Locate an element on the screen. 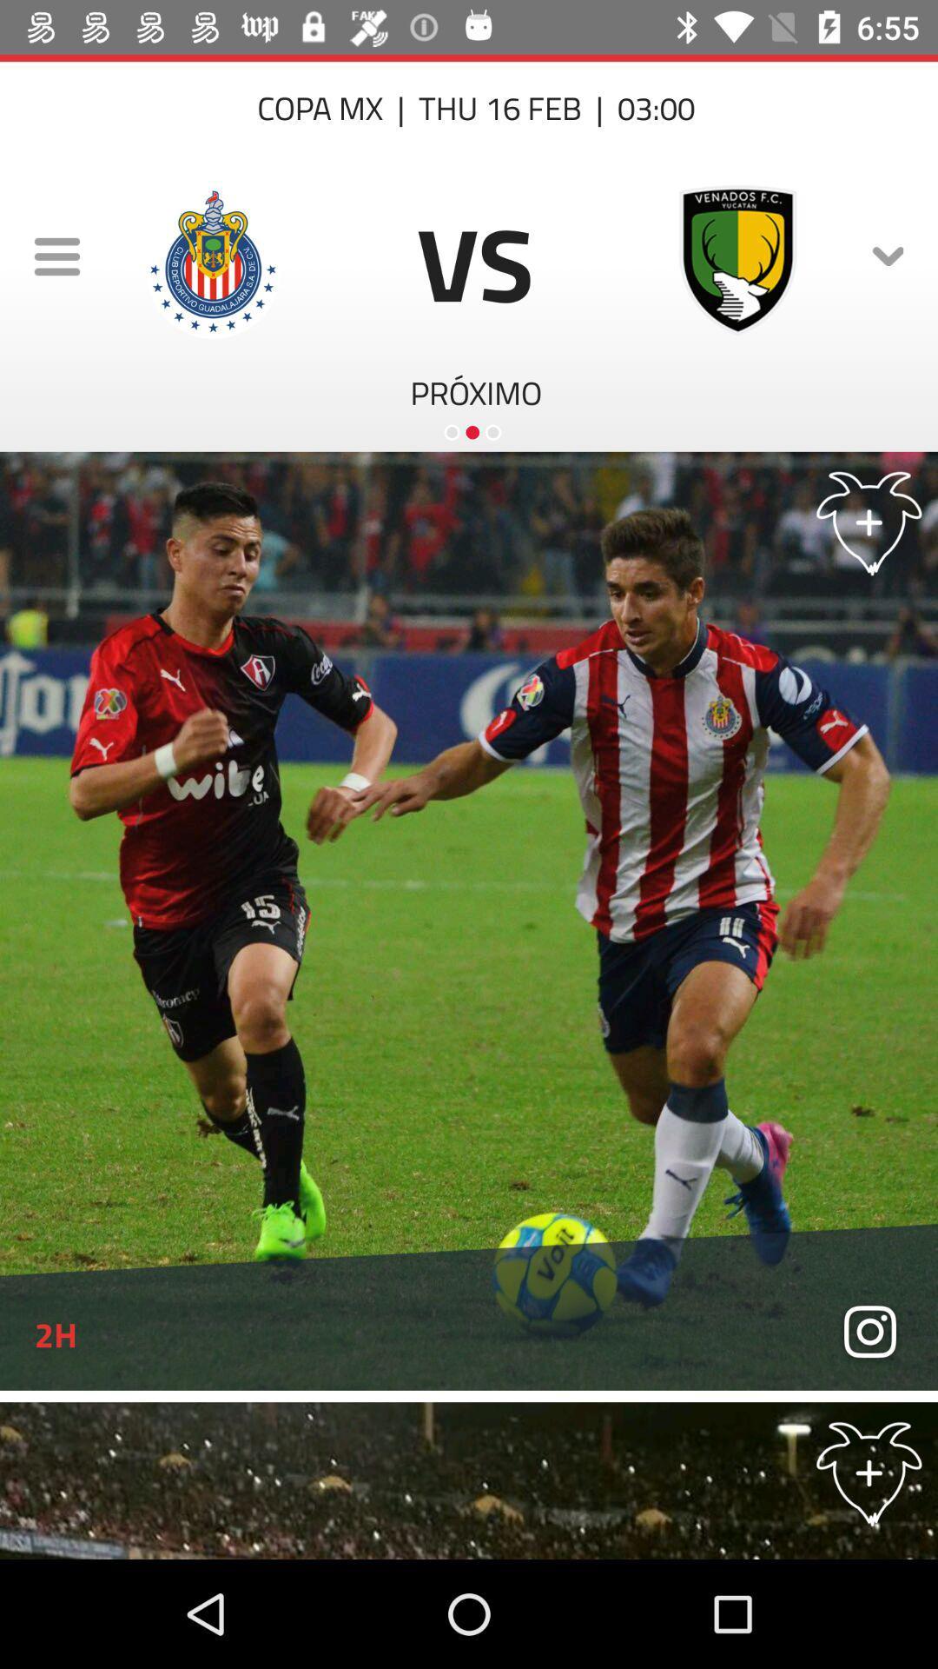  add icon on the first image is located at coordinates (869, 520).